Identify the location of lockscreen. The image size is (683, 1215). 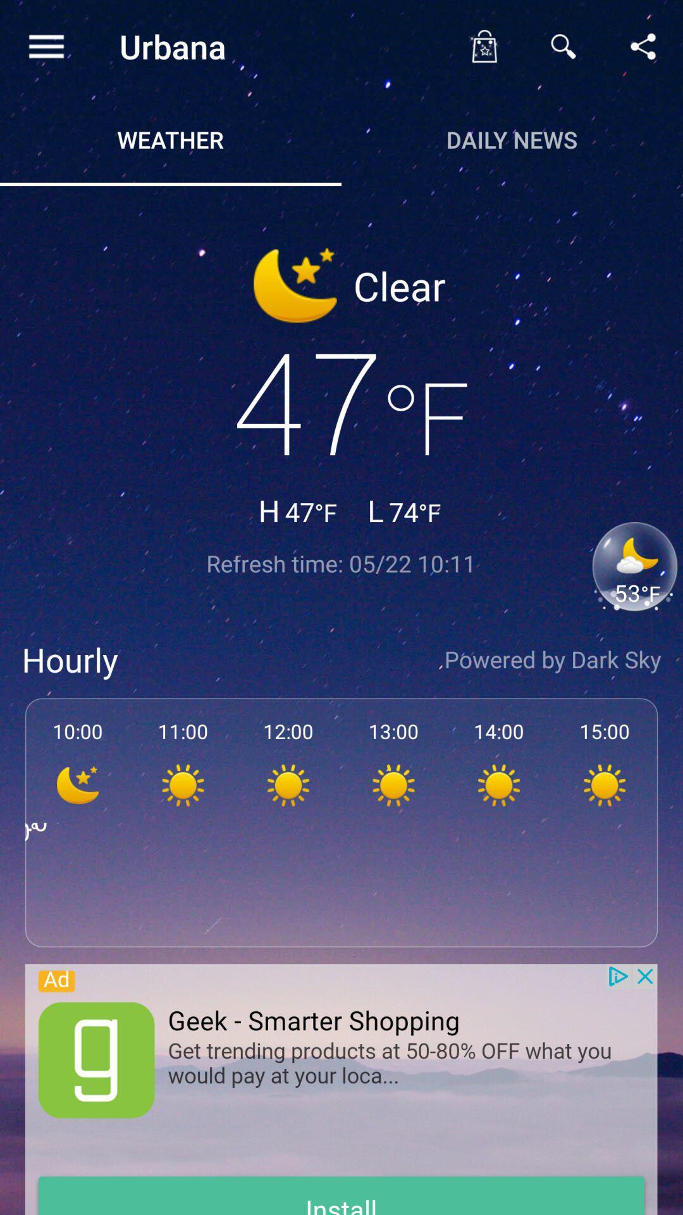
(483, 46).